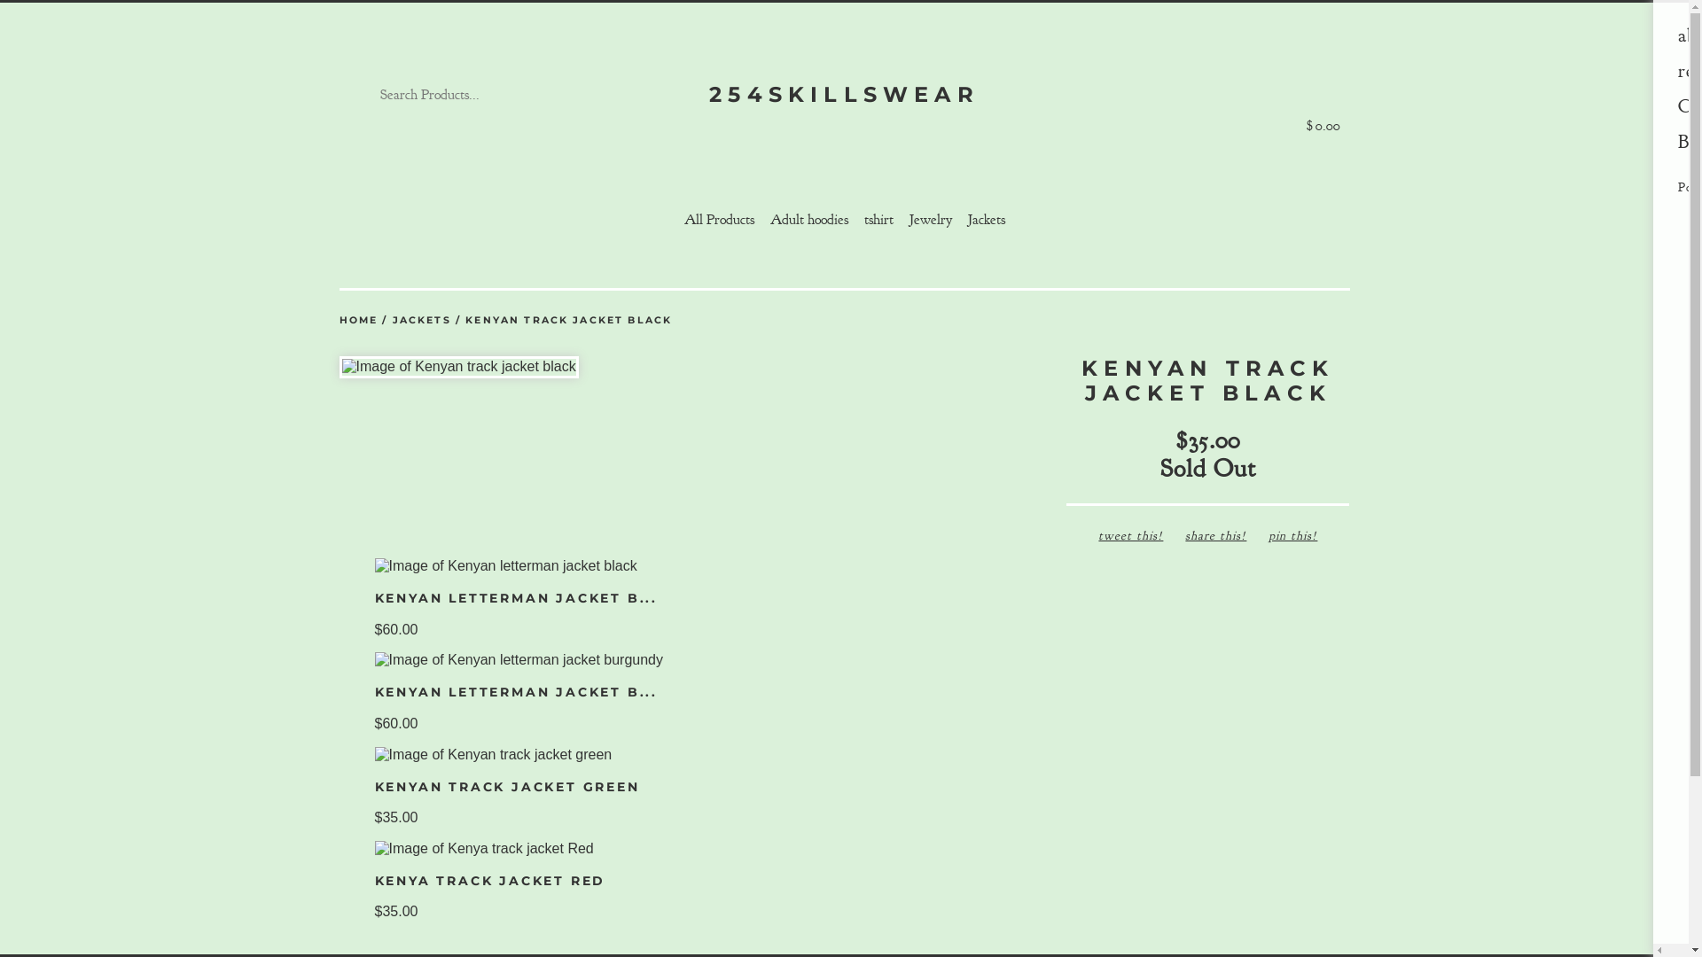  Describe the element at coordinates (339, 320) in the screenshot. I see `'HOME'` at that location.